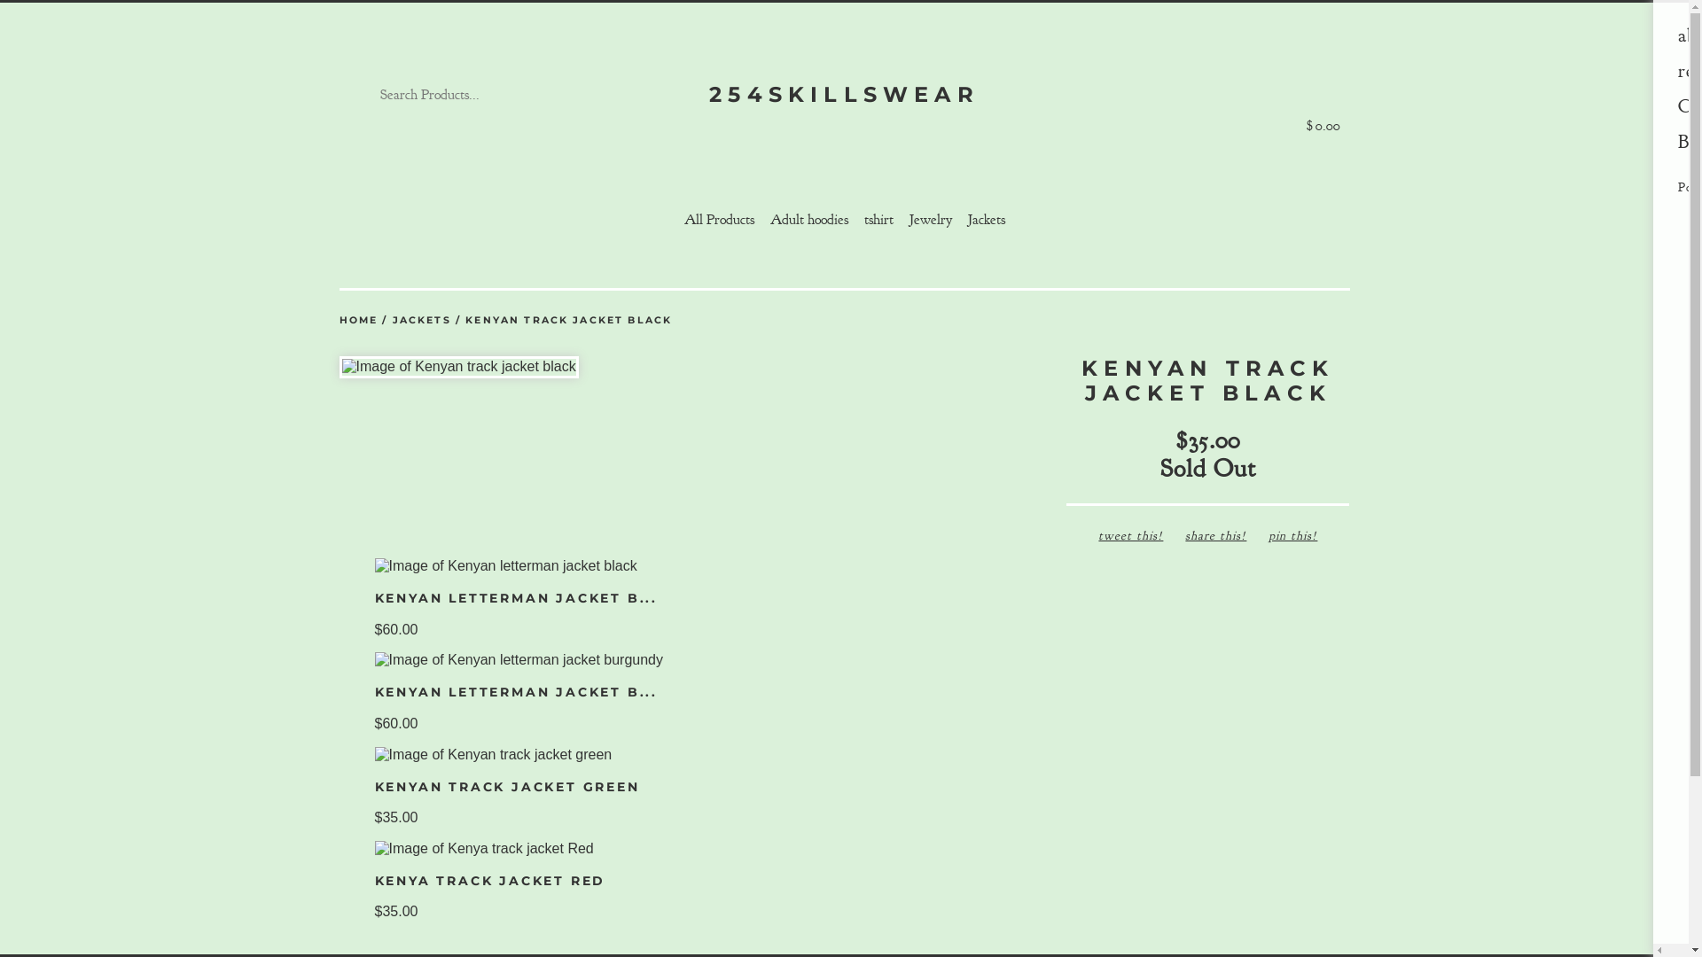  Describe the element at coordinates (339, 320) in the screenshot. I see `'HOME'` at that location.